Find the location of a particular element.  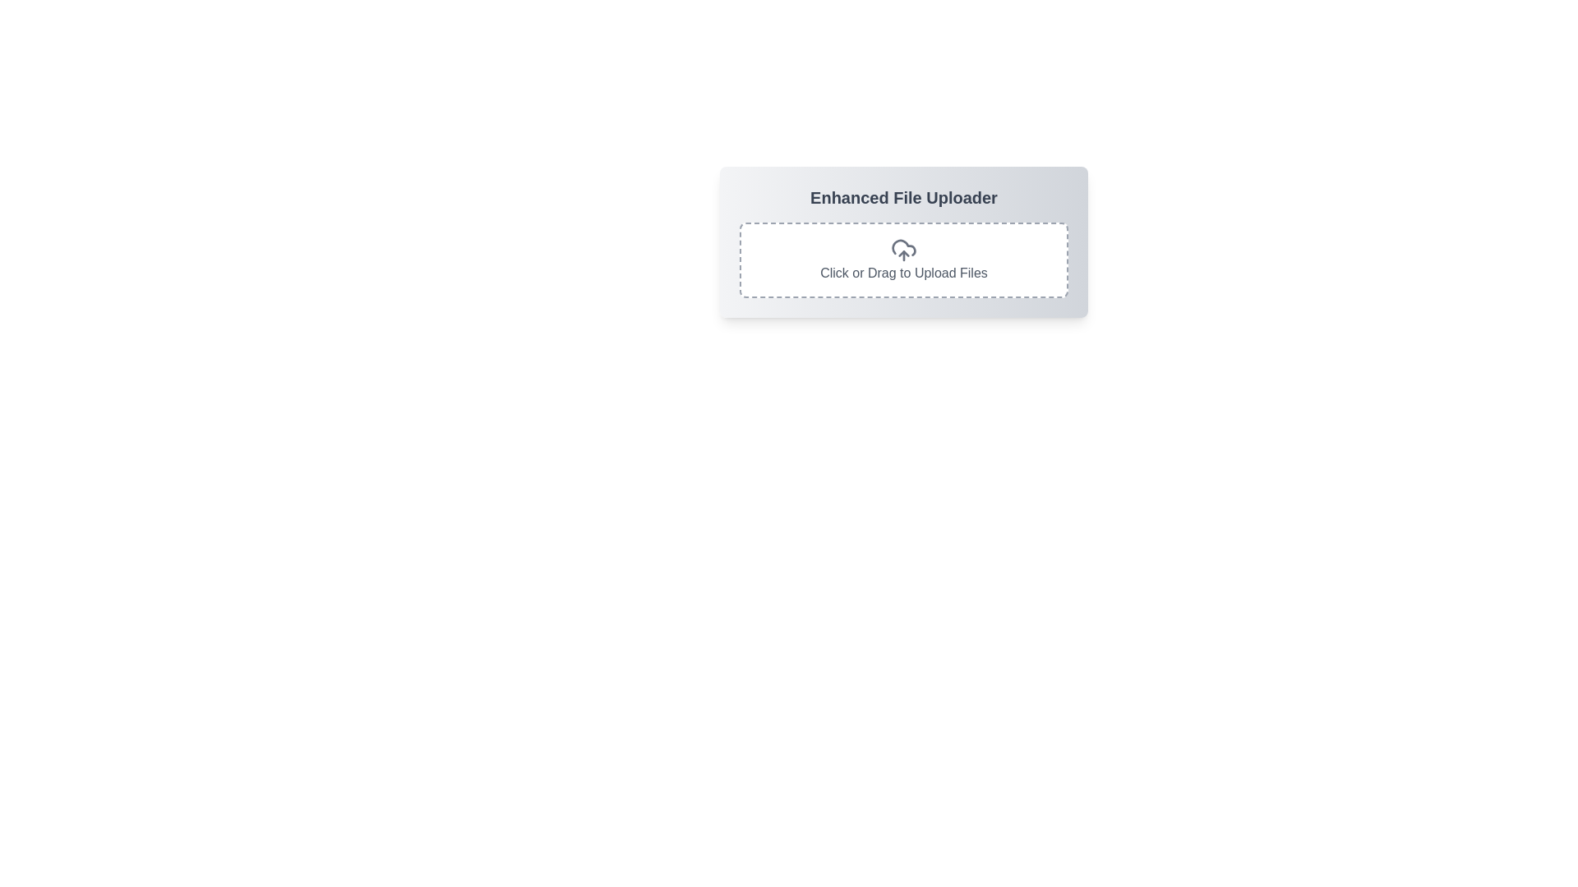

the upload icon located centrally within the white box with a gray dashed border, positioned below the heading 'Enhanced File Uploader' is located at coordinates (902, 250).